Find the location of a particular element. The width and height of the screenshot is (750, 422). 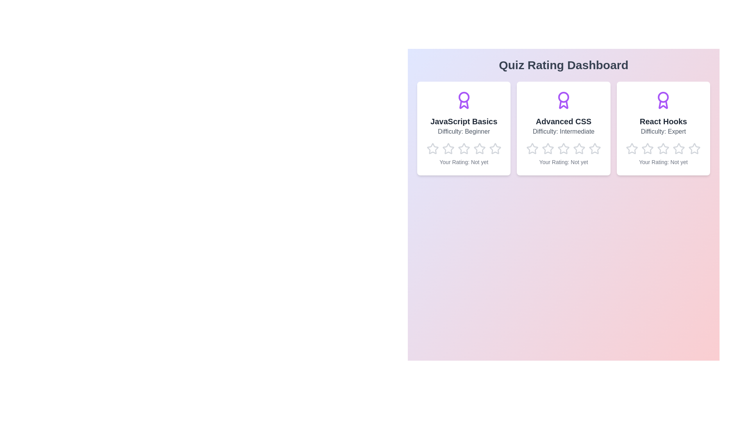

the star corresponding to the rating 3 for the quiz React Hooks is located at coordinates (657, 143).